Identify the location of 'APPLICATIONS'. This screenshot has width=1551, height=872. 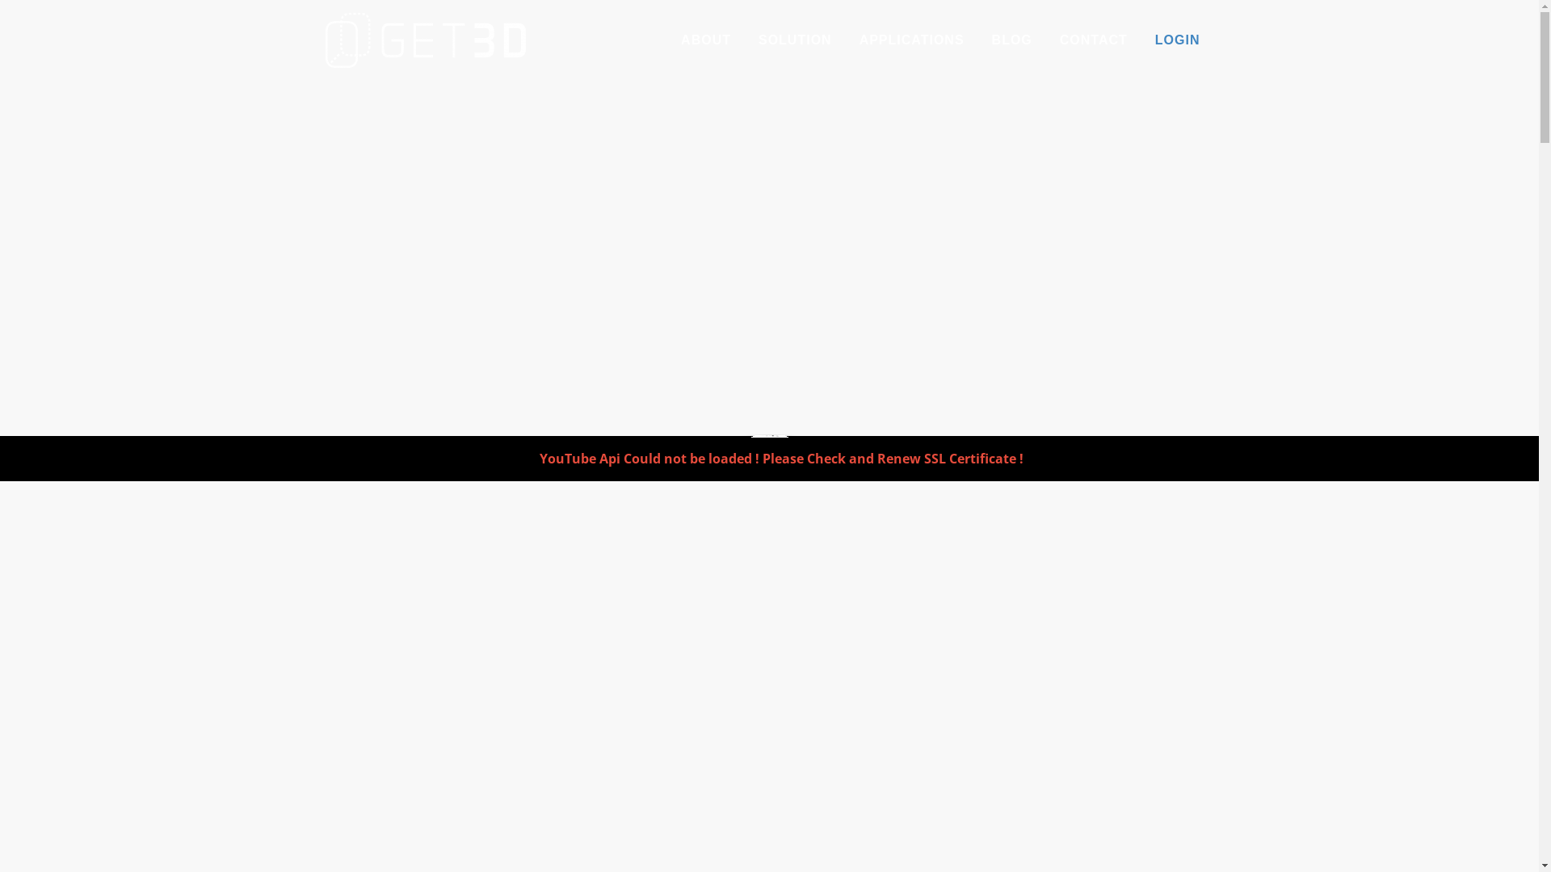
(911, 40).